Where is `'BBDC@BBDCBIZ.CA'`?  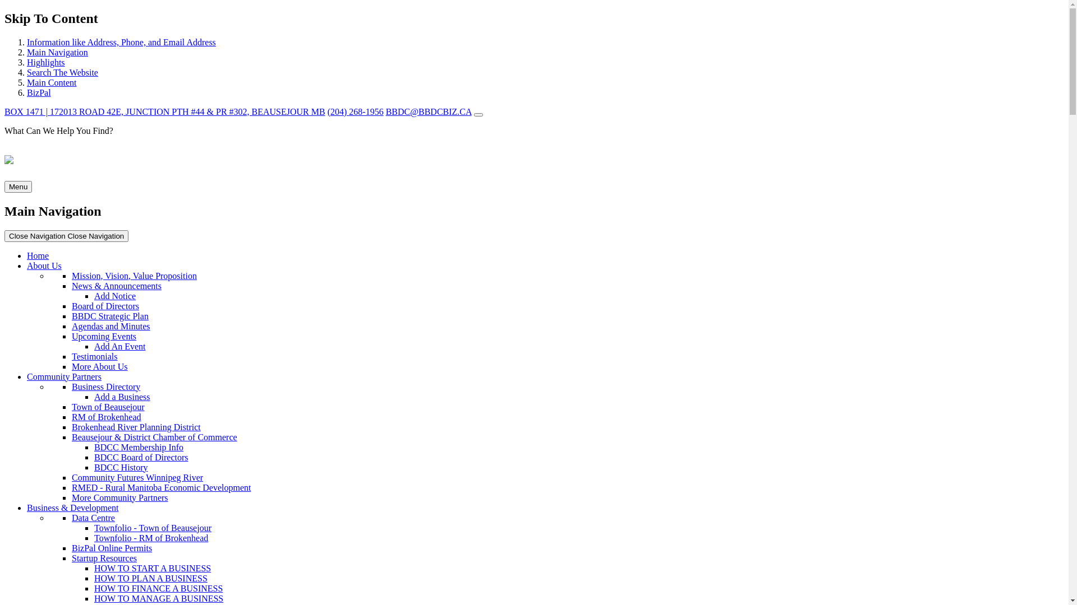
'BBDC@BBDCBIZ.CA' is located at coordinates (428, 111).